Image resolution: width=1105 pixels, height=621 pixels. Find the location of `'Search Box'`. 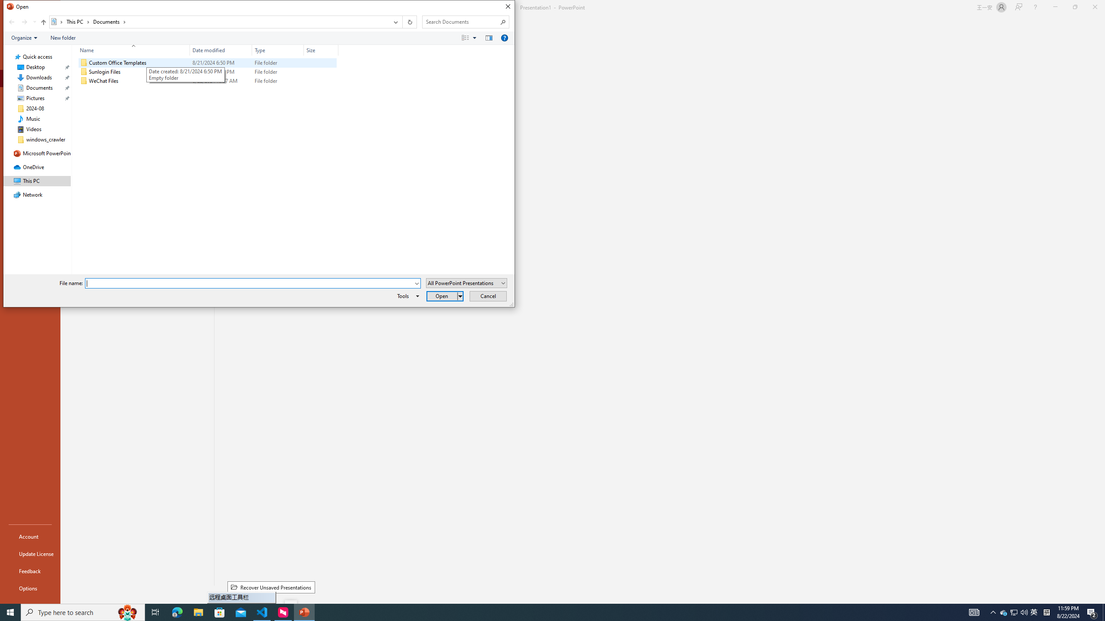

'Search Box' is located at coordinates (461, 21).